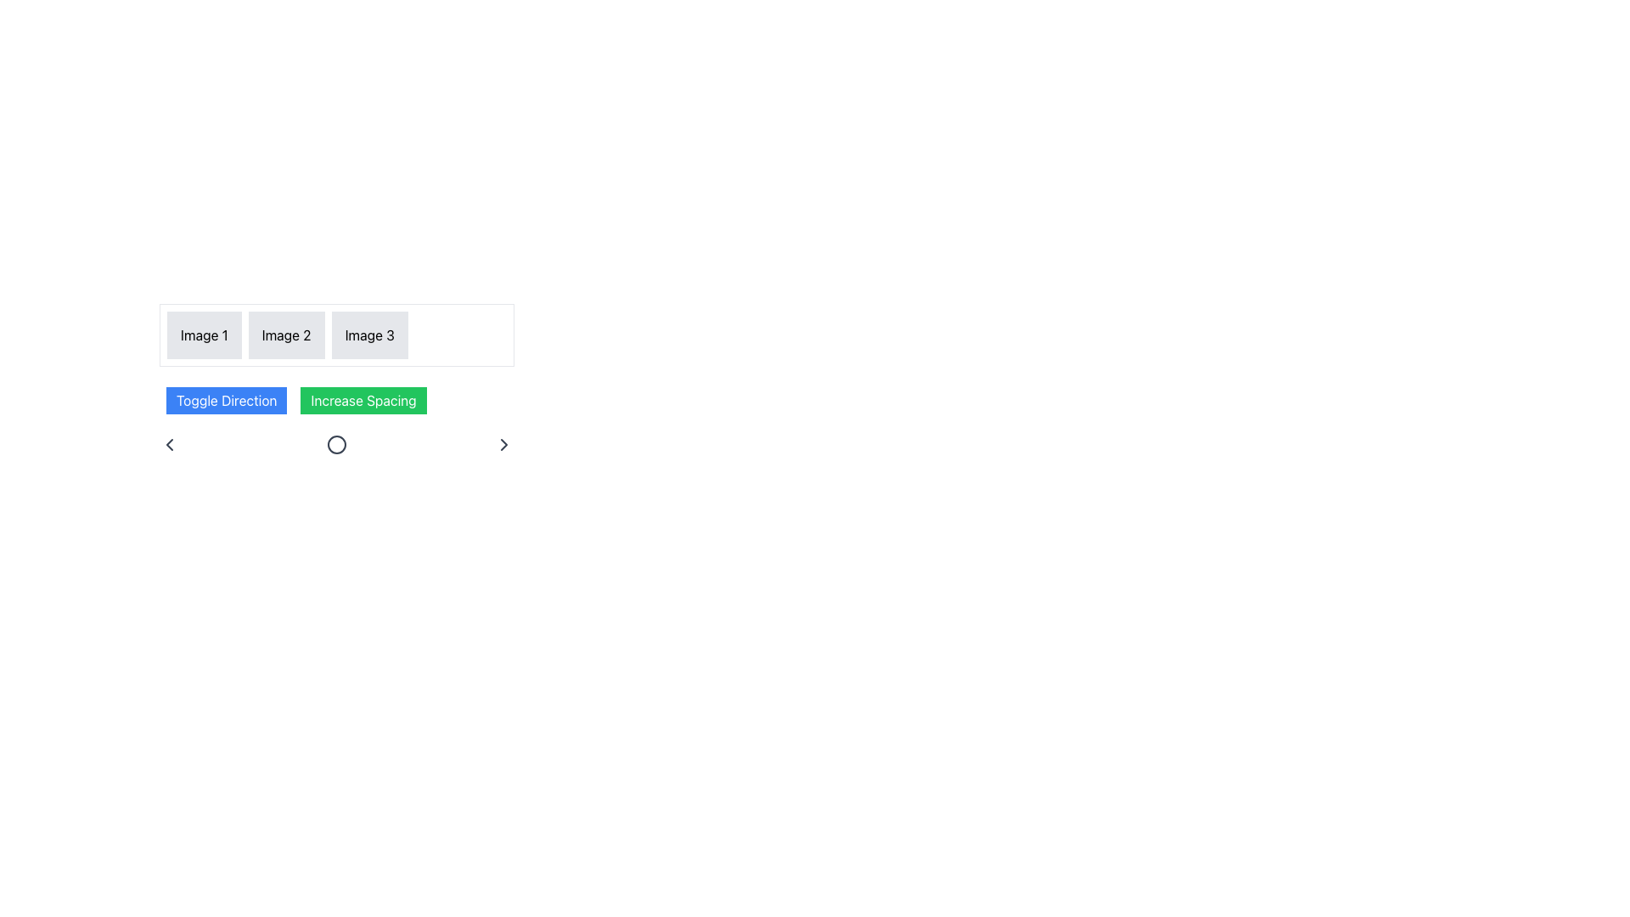  I want to click on the composite UI control panel element, so click(337, 416).